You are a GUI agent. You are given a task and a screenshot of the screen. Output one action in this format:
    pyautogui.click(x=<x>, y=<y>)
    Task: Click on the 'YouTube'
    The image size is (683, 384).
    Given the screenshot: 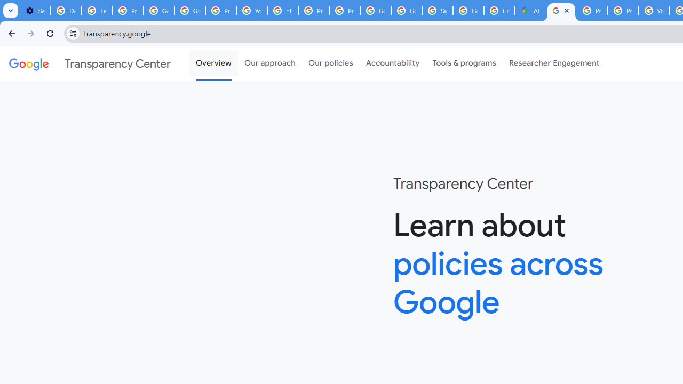 What is the action you would take?
    pyautogui.click(x=654, y=11)
    